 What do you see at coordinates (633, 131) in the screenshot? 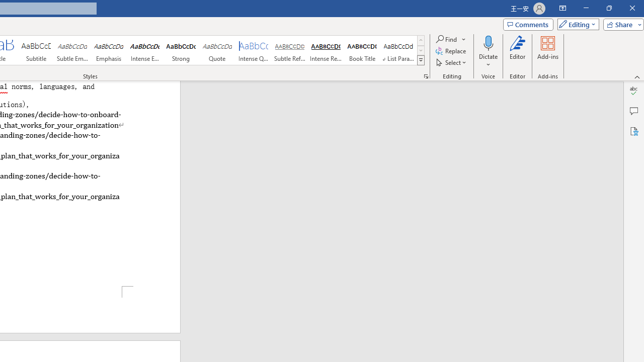
I see `'Accessibility'` at bounding box center [633, 131].